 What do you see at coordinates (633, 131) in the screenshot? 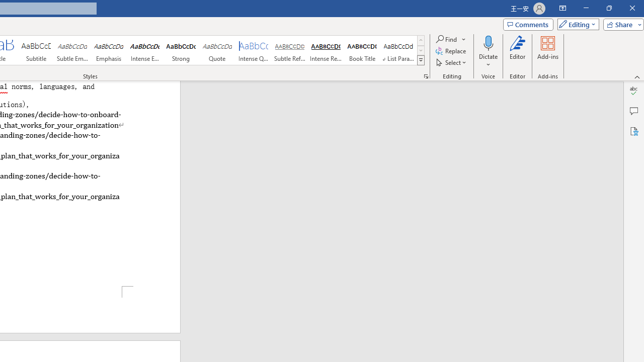
I see `'Accessibility'` at bounding box center [633, 131].